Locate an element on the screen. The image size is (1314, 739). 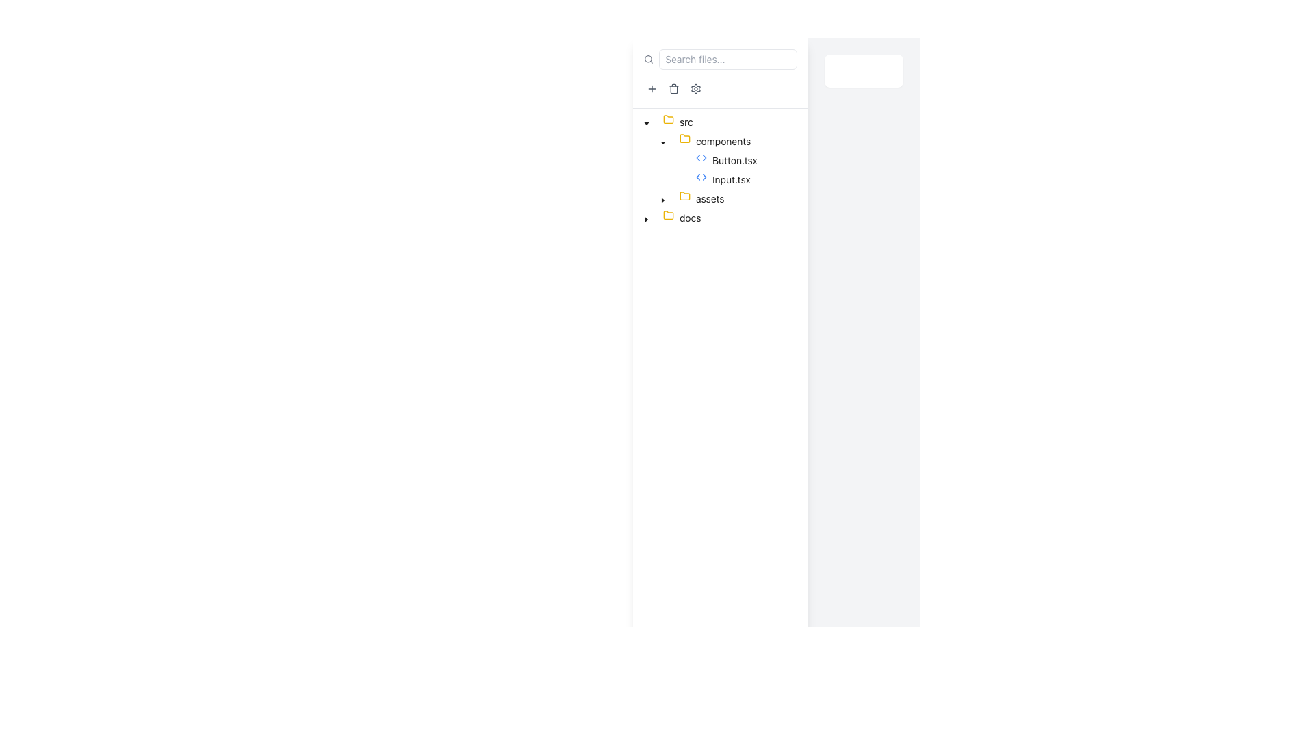
the 'src' tree node is located at coordinates (668, 121).